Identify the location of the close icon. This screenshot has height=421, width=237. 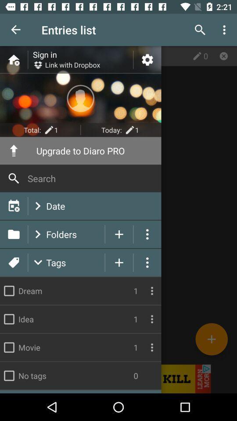
(223, 55).